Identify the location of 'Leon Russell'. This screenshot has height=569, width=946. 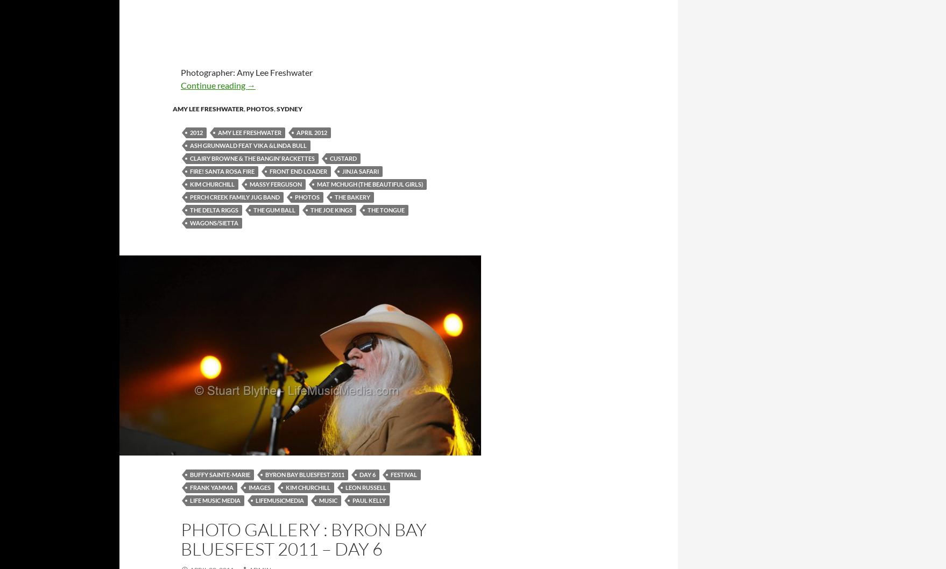
(365, 487).